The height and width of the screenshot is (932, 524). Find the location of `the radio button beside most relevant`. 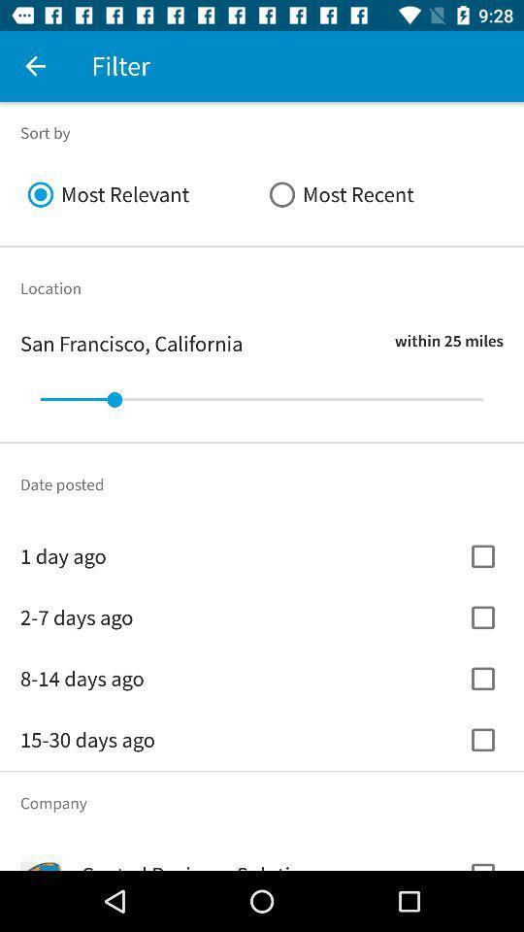

the radio button beside most relevant is located at coordinates (382, 195).